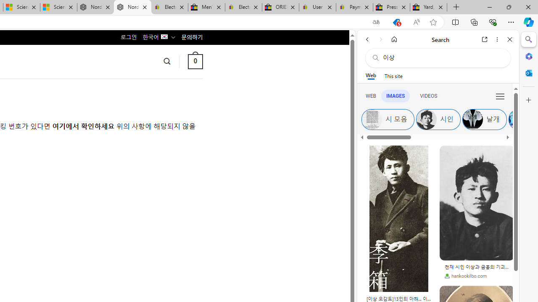  What do you see at coordinates (465, 276) in the screenshot?
I see `'hankookilbo.com'` at bounding box center [465, 276].